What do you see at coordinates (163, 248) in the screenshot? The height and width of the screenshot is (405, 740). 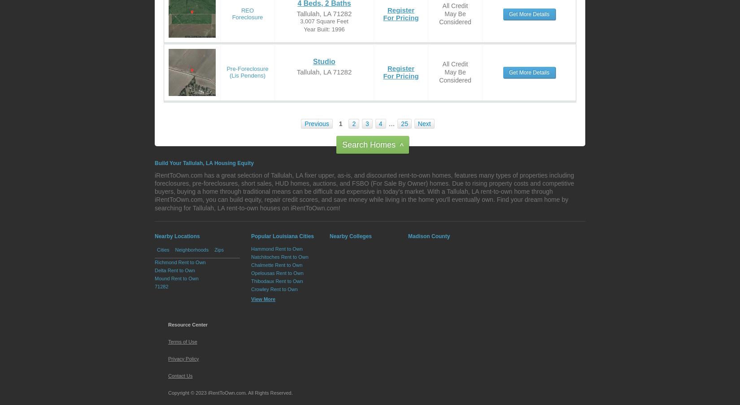 I see `'Cities'` at bounding box center [163, 248].